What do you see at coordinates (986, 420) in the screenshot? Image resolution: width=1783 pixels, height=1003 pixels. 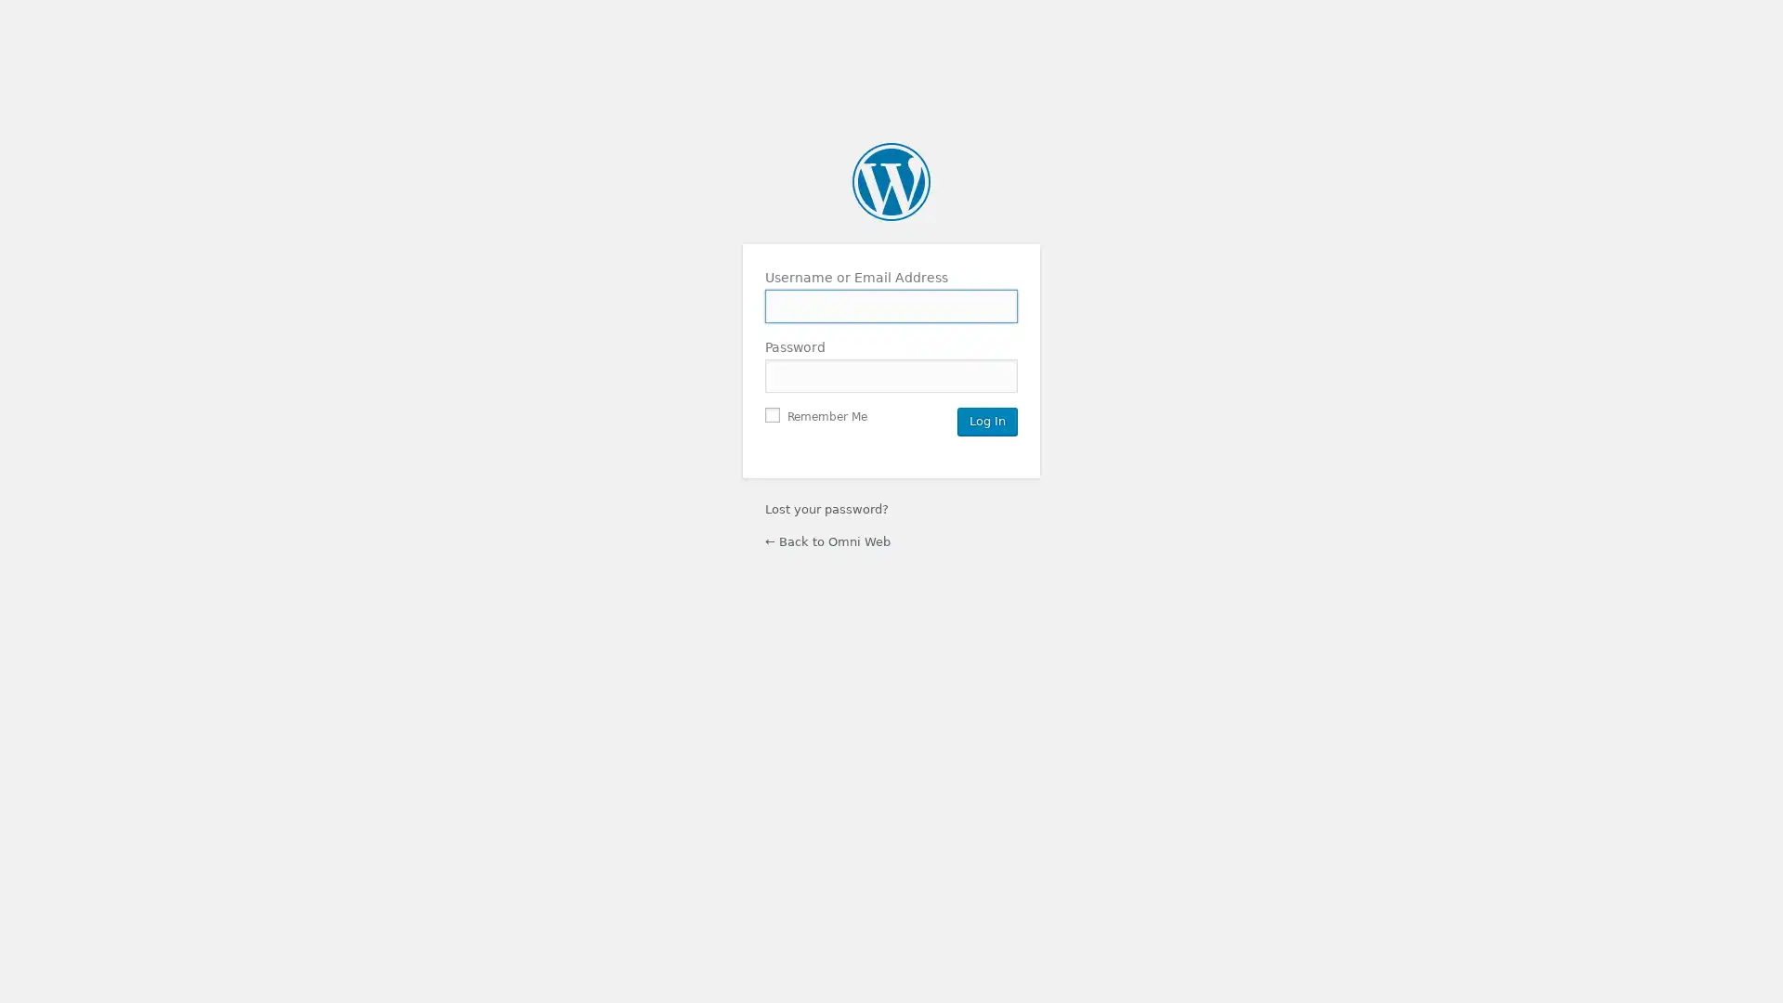 I see `Log In` at bounding box center [986, 420].